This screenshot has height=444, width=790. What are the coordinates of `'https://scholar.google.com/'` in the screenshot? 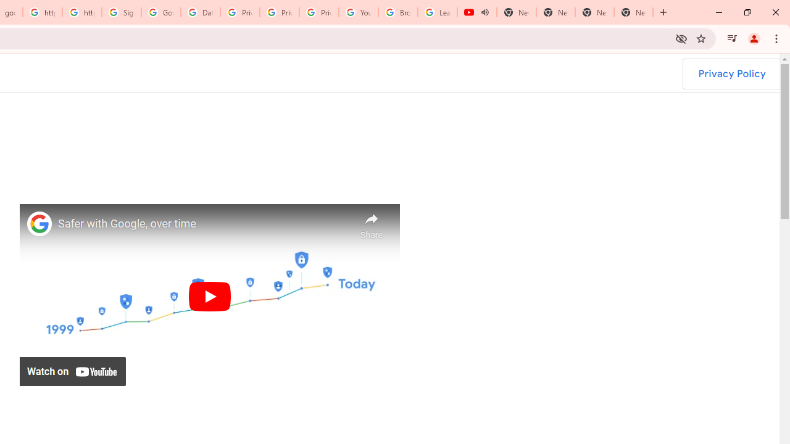 It's located at (43, 12).